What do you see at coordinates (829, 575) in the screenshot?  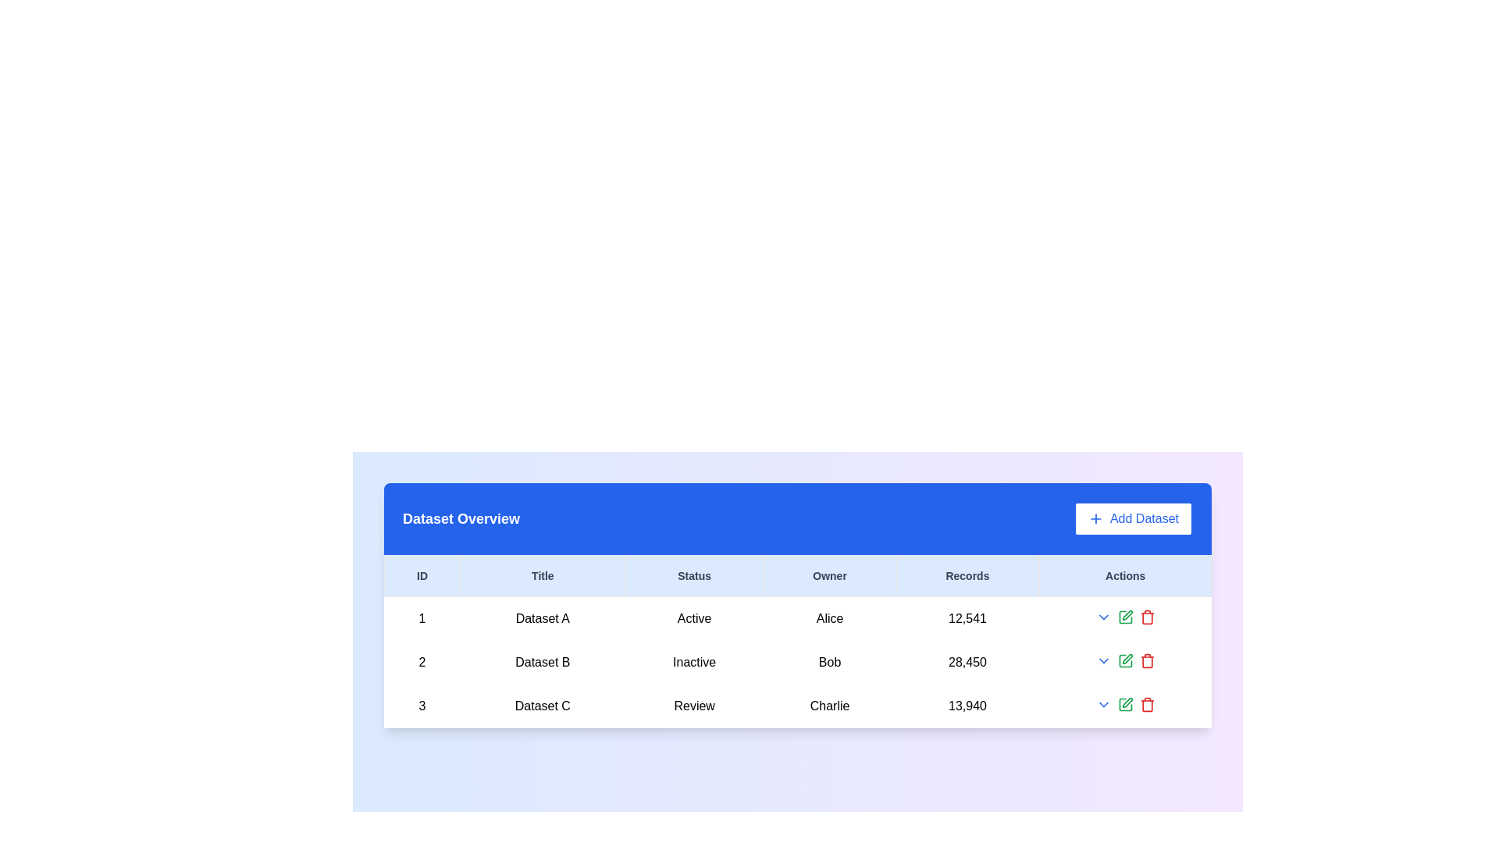 I see `the 'Owner' text label located in the header row of the table, positioned as the fourth item among its siblings` at bounding box center [829, 575].